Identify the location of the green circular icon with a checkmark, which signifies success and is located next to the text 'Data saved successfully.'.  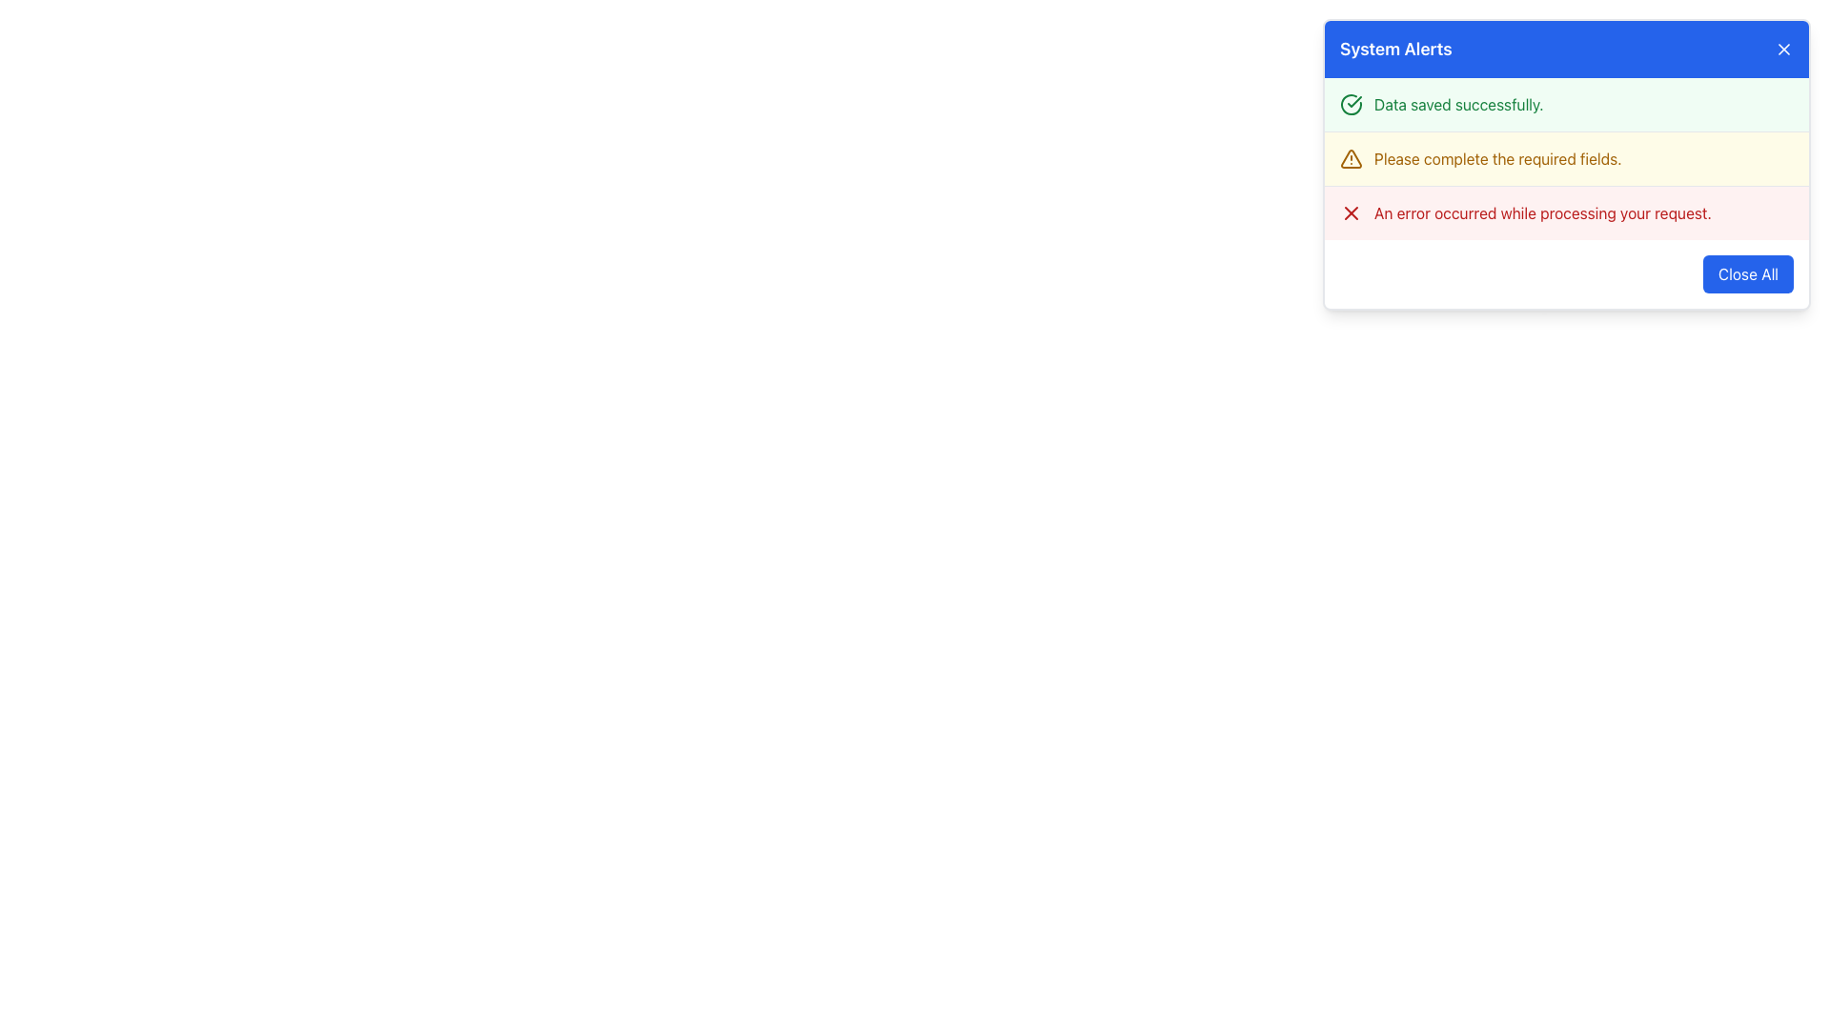
(1350, 105).